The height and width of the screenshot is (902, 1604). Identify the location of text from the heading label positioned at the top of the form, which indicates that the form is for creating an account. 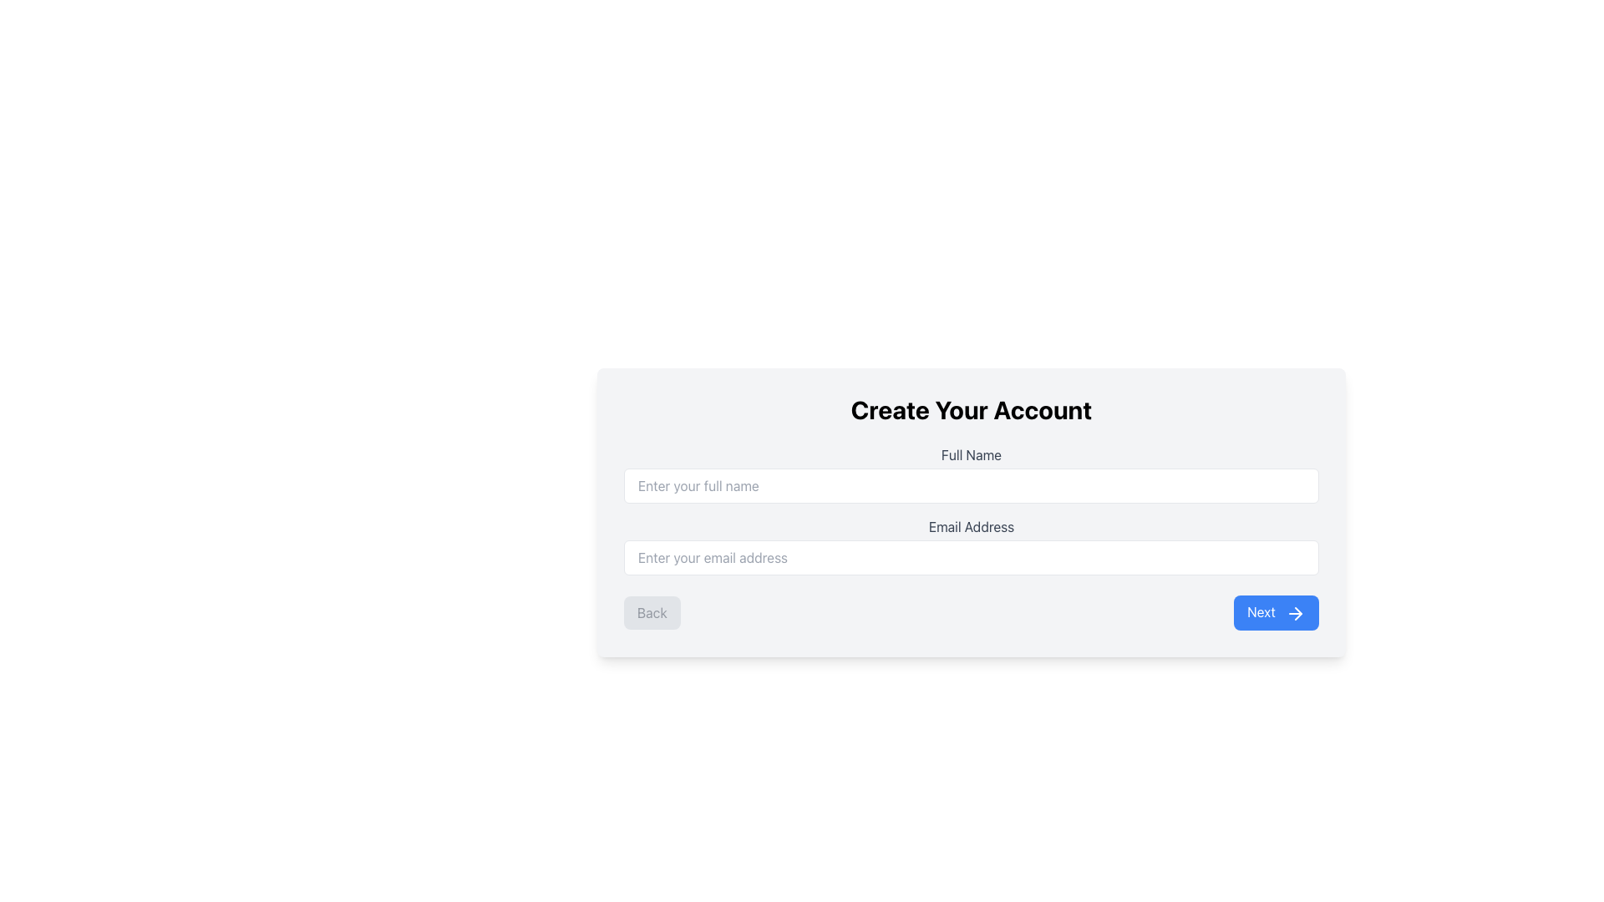
(971, 409).